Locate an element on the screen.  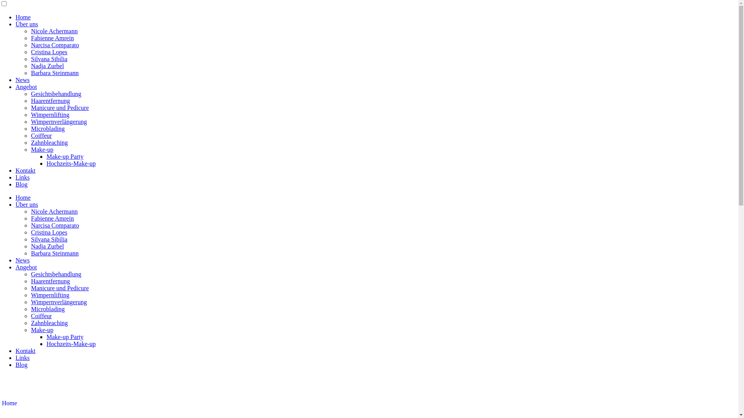
'Haarentfernung' is located at coordinates (50, 100).